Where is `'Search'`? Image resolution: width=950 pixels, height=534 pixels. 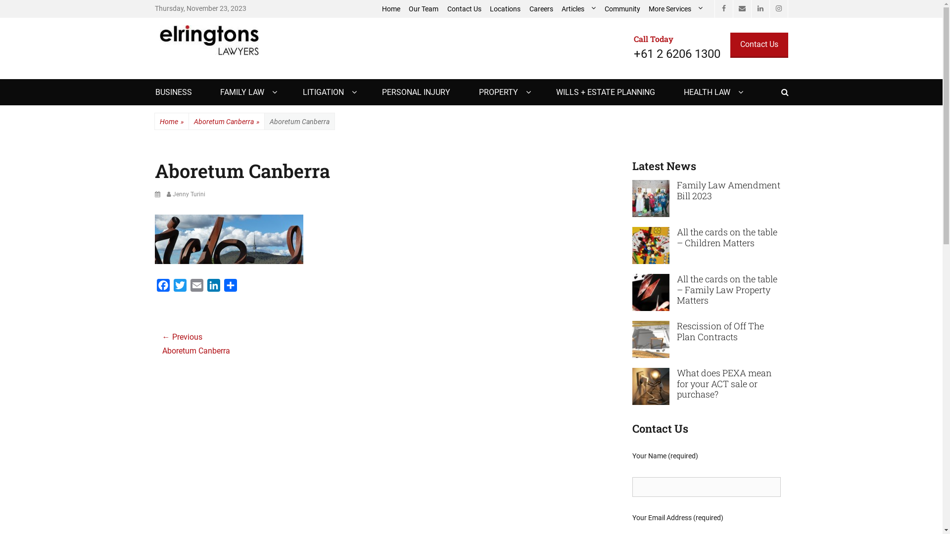 'Search' is located at coordinates (788, 78).